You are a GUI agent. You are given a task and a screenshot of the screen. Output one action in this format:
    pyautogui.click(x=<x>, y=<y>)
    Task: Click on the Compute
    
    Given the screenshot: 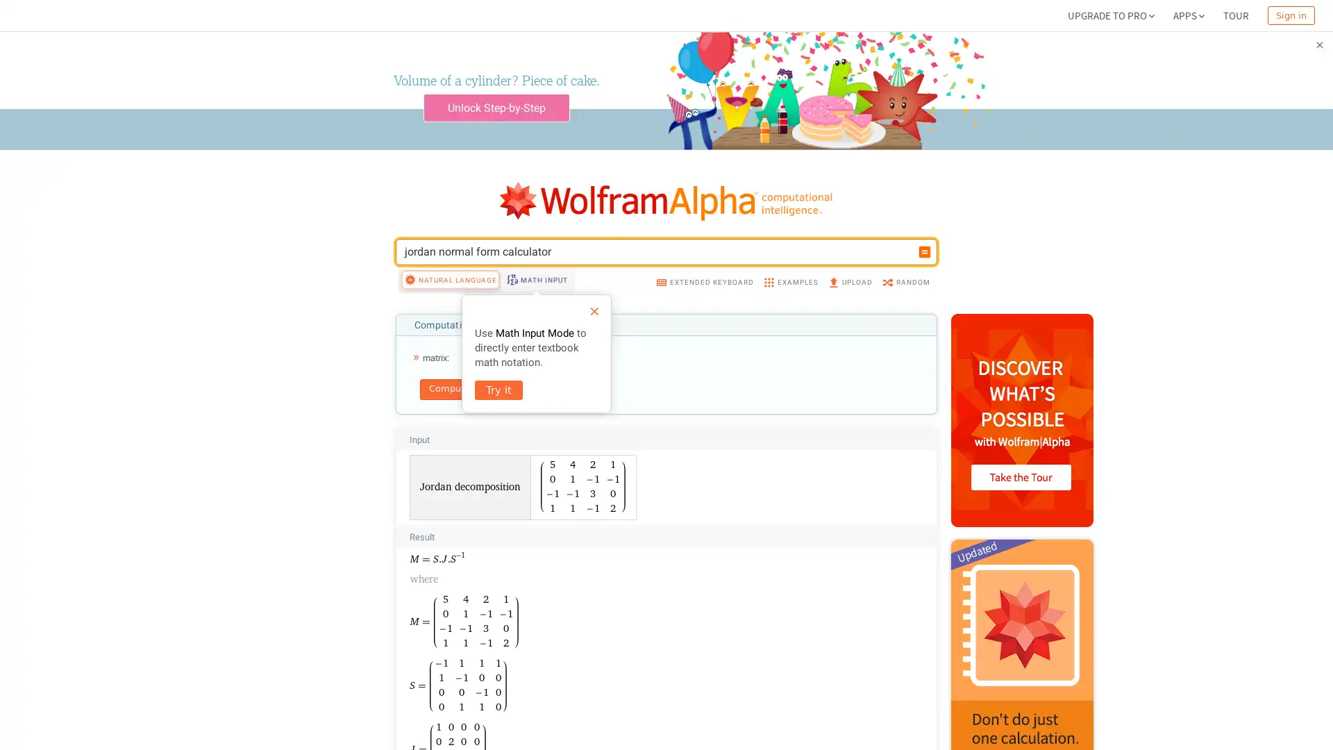 What is the action you would take?
    pyautogui.click(x=449, y=389)
    